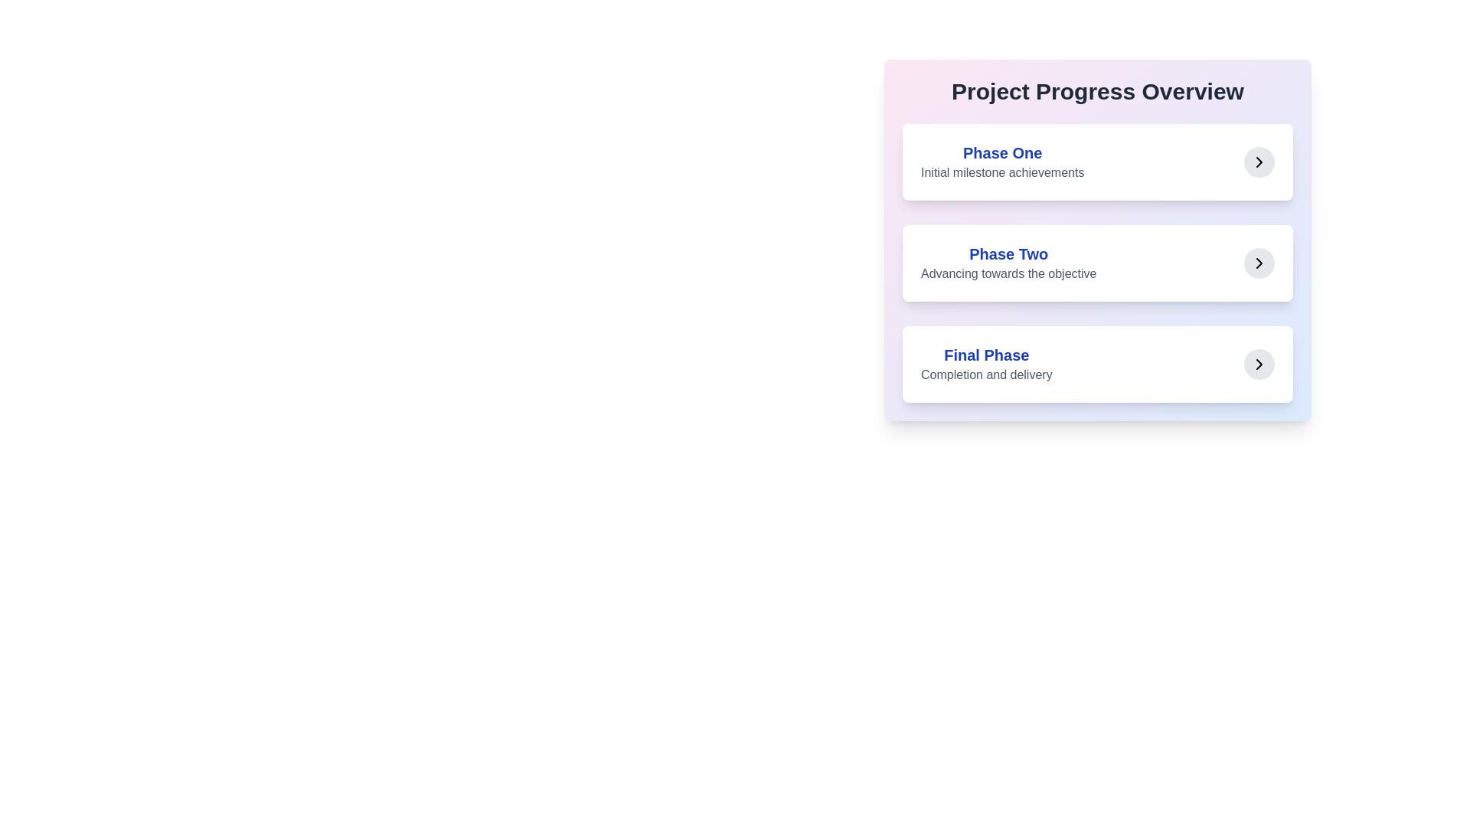 The width and height of the screenshot is (1470, 827). Describe the element at coordinates (1259, 364) in the screenshot. I see `the right-pointing chevron icon located in the bottom-right corner of the 'Final Phase' section card` at that location.